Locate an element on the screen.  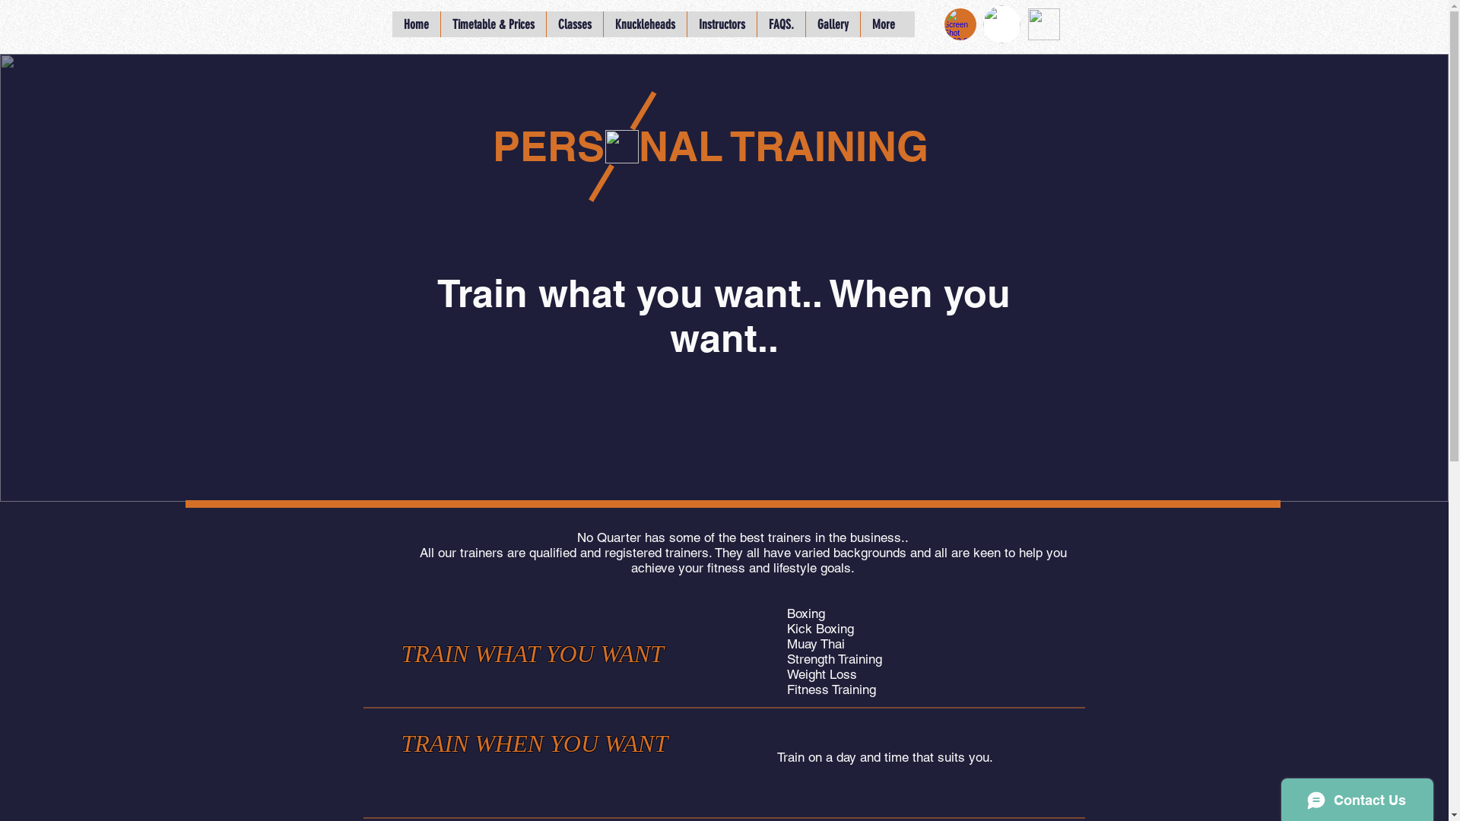
'Screen%20Shot%202020-01-18%20at%2011.51_' is located at coordinates (959, 24).